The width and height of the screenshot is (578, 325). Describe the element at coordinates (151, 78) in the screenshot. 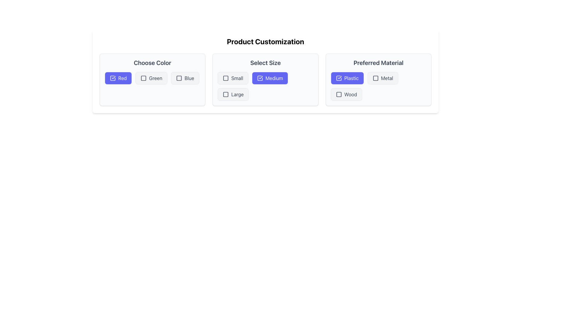

I see `the selectable button labeled 'Green' with a checkbox` at that location.